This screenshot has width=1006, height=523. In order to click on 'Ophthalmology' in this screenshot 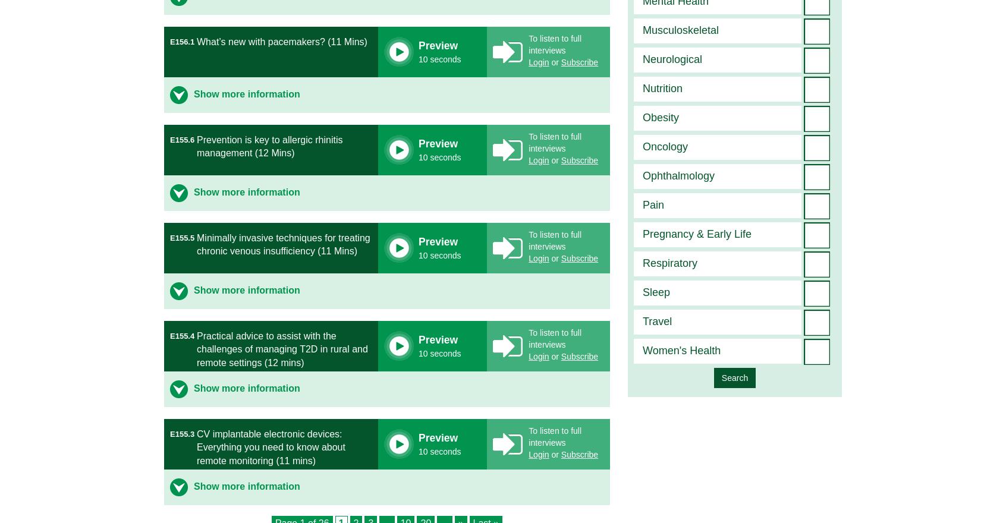, I will do `click(678, 175)`.